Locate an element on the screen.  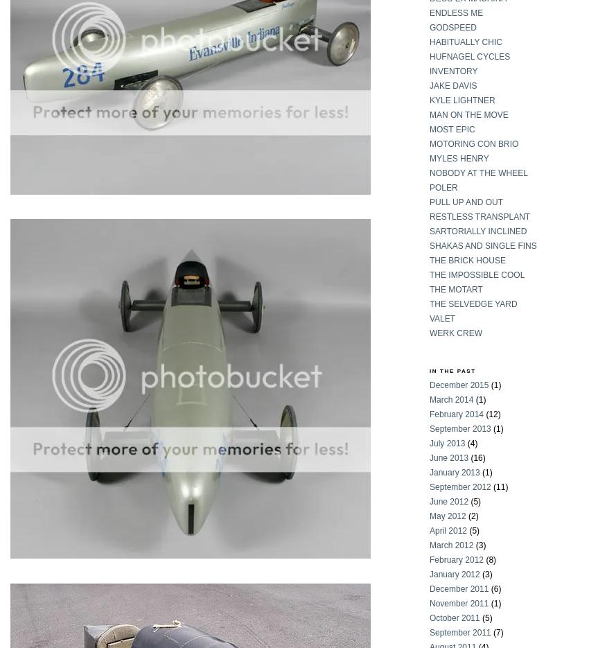
'(16)' is located at coordinates (475, 458).